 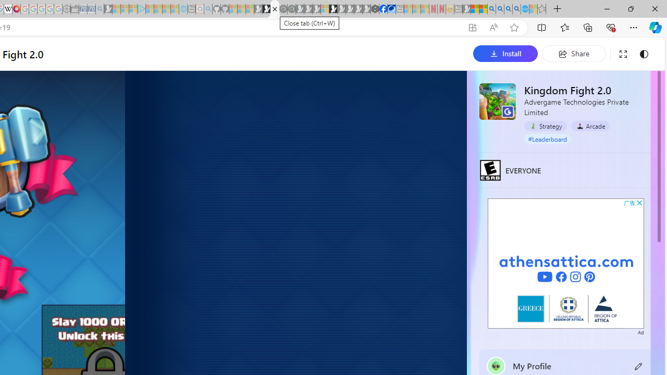 What do you see at coordinates (17, 9) in the screenshot?
I see `'MediaWiki'` at bounding box center [17, 9].